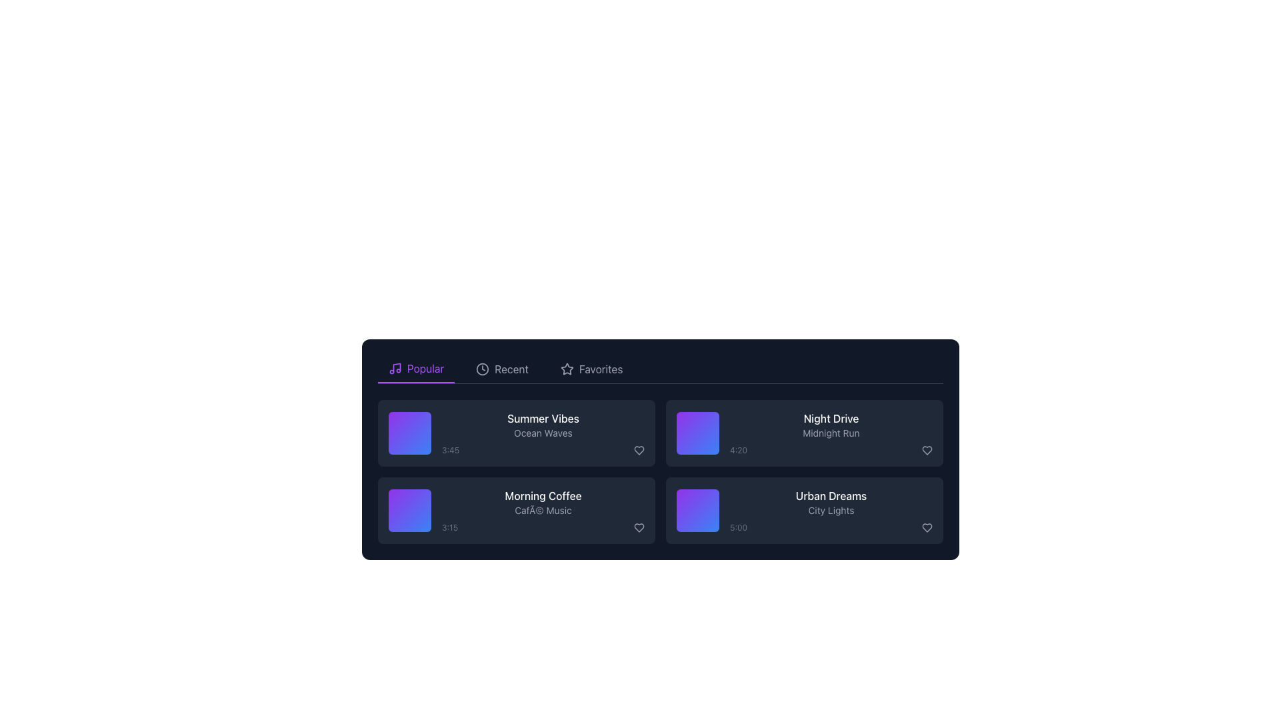 The height and width of the screenshot is (720, 1280). What do you see at coordinates (425, 368) in the screenshot?
I see `the 'Popular' label in the tabbed navigation bar` at bounding box center [425, 368].